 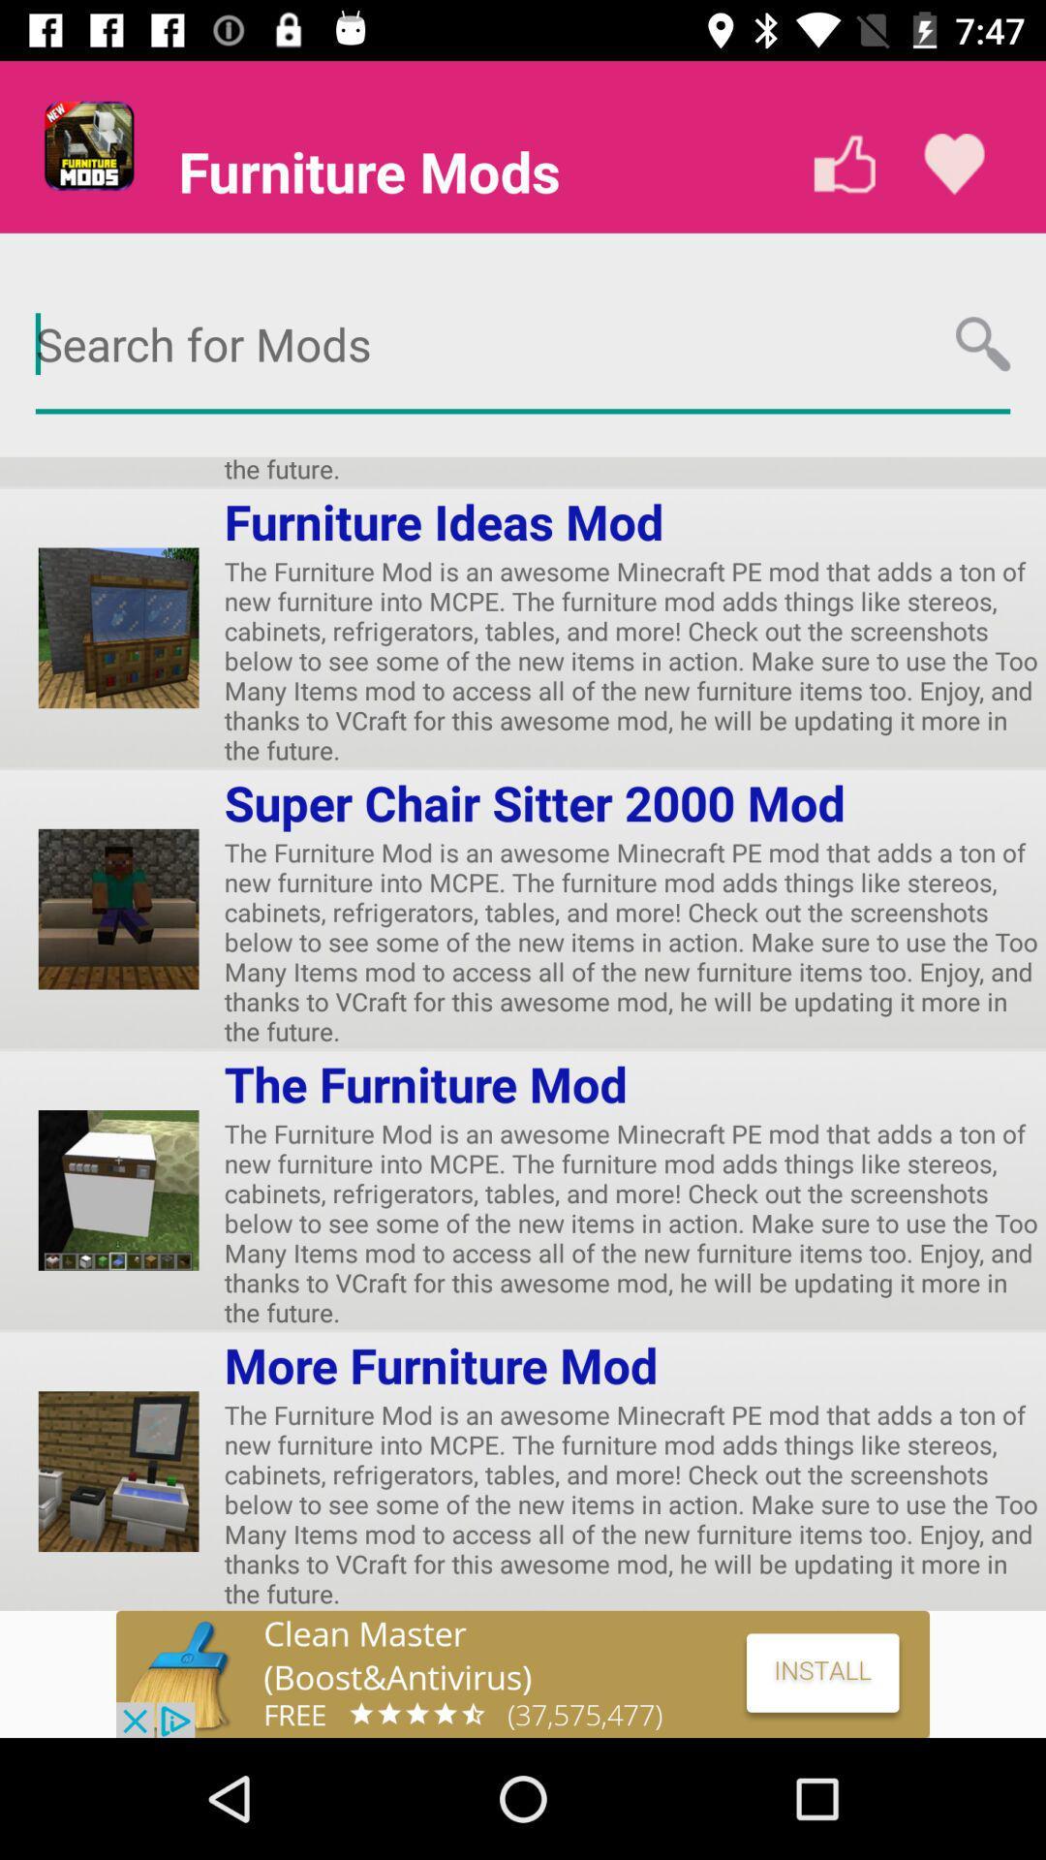 I want to click on favorites, so click(x=953, y=164).